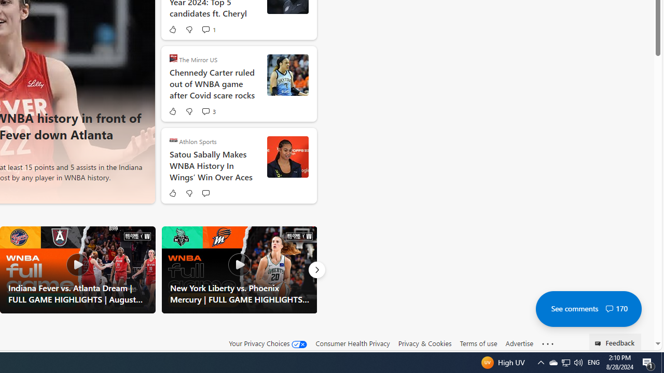  Describe the element at coordinates (547, 343) in the screenshot. I see `'Class: oneFooter_seeMore-DS-EntryPoint1-1'` at that location.